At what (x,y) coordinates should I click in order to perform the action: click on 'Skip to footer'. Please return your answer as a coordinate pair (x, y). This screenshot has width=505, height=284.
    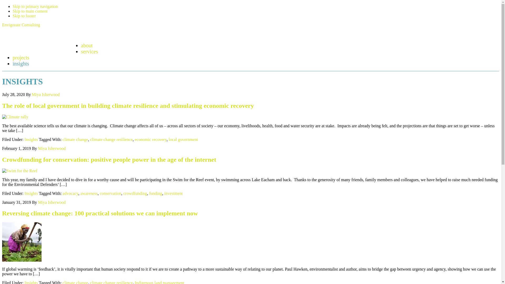
    Looking at the image, I should click on (24, 16).